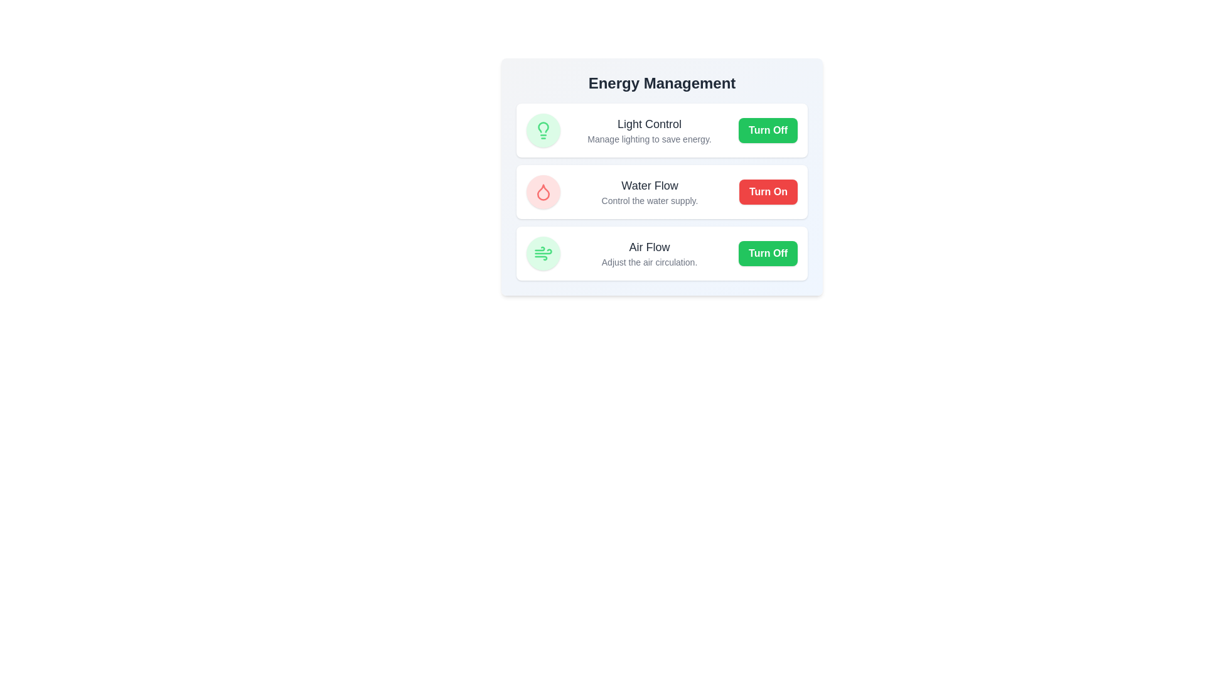  Describe the element at coordinates (661, 131) in the screenshot. I see `the informational card with the 'Turn Off' button, which is the first card in the Energy Management section` at that location.